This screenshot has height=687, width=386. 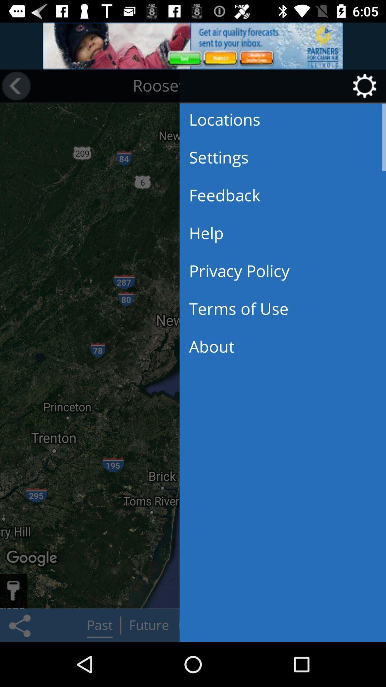 I want to click on the button next to share icon, so click(x=99, y=625).